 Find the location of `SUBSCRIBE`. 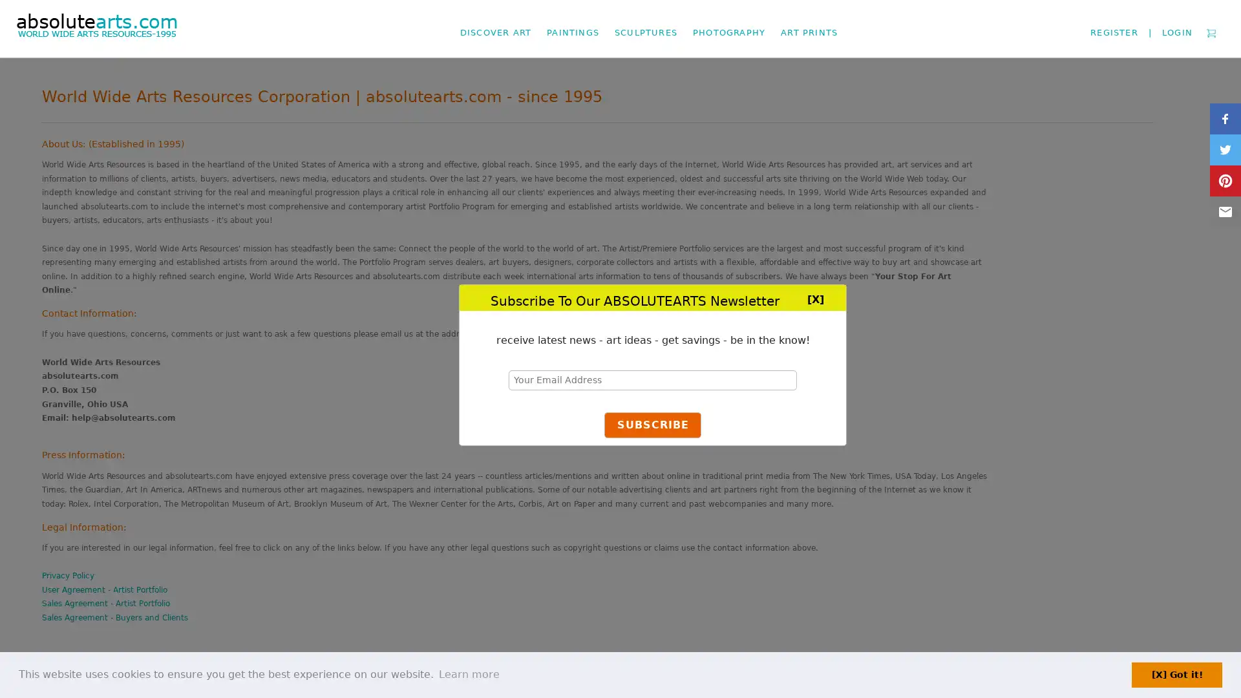

SUBSCRIBE is located at coordinates (652, 425).